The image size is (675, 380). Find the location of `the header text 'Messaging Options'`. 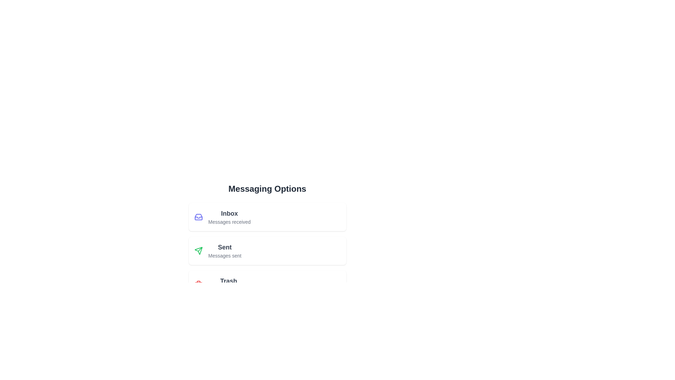

the header text 'Messaging Options' is located at coordinates (267, 188).